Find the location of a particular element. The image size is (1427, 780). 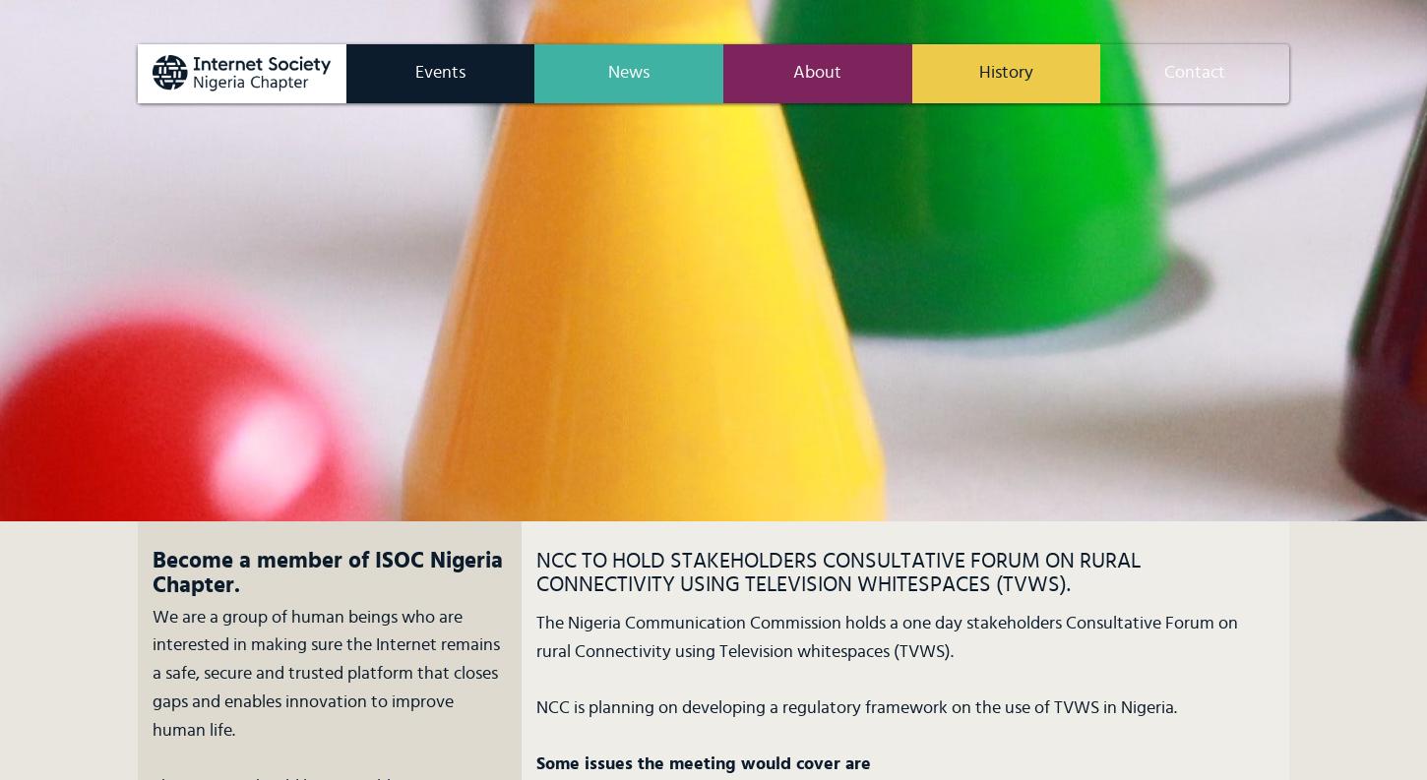

'NCC is planning on developing a regulatory framework on the  use of TVWS in Nigeria.' is located at coordinates (854, 706).